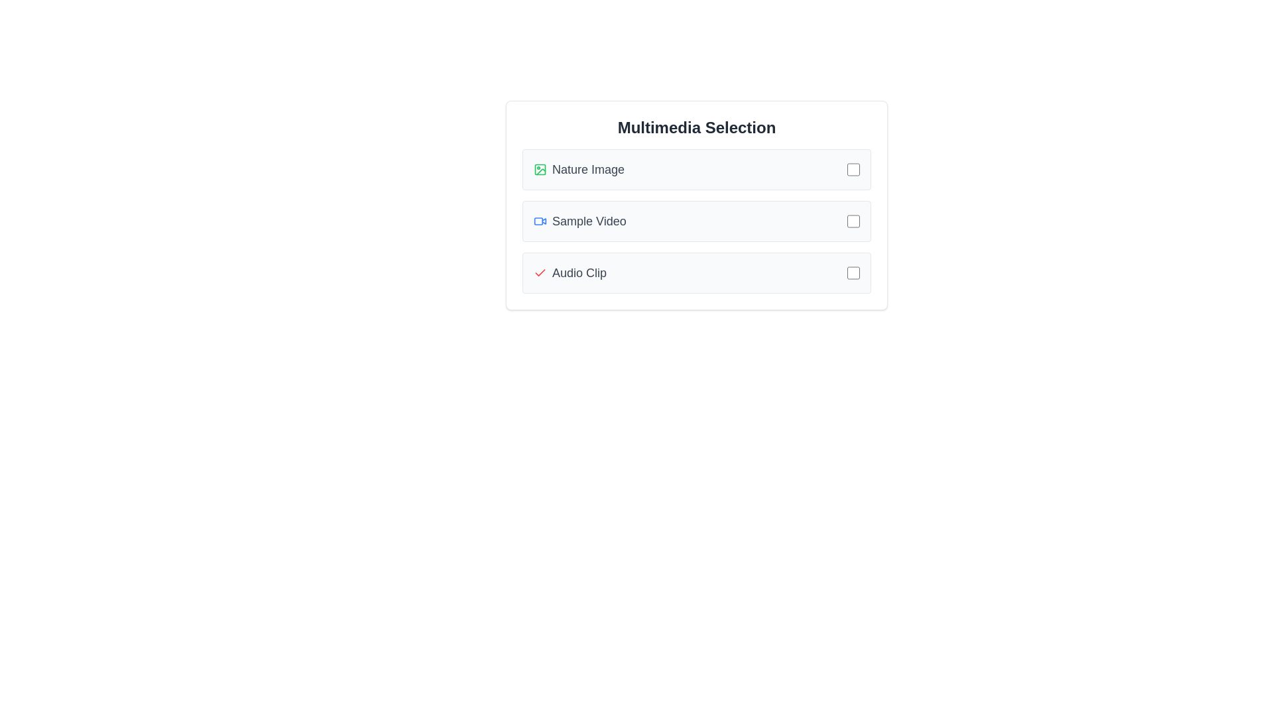 This screenshot has height=716, width=1273. What do you see at coordinates (540, 221) in the screenshot?
I see `the blue video icon with circular edges located to the left of the 'Sample Video' label in the multimedia selection interface` at bounding box center [540, 221].